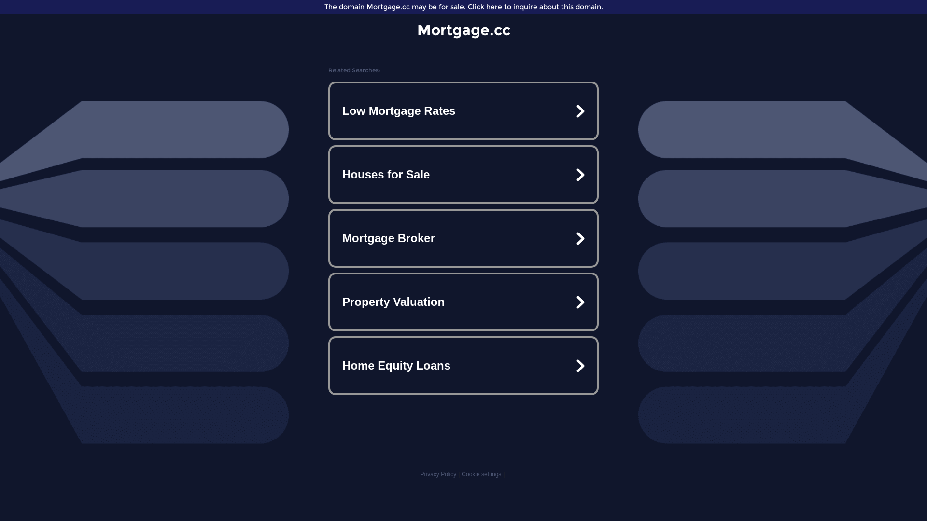 The image size is (927, 521). I want to click on 'Mortgage.cc', so click(463, 29).